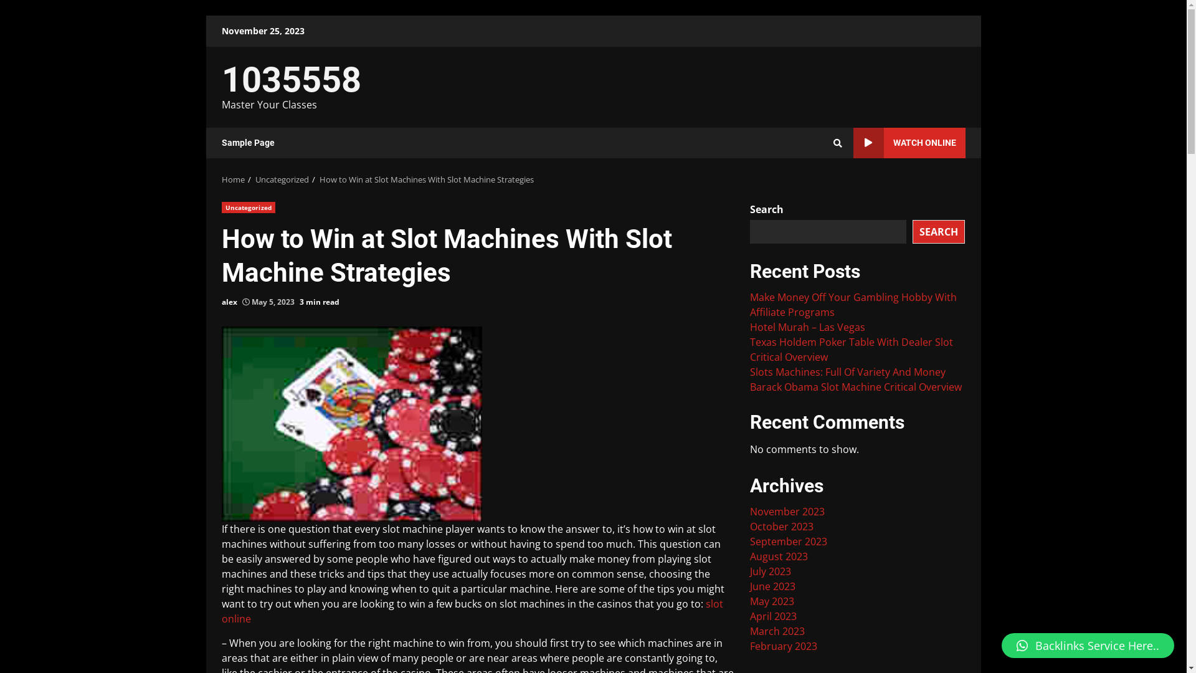  What do you see at coordinates (749, 586) in the screenshot?
I see `'June 2023'` at bounding box center [749, 586].